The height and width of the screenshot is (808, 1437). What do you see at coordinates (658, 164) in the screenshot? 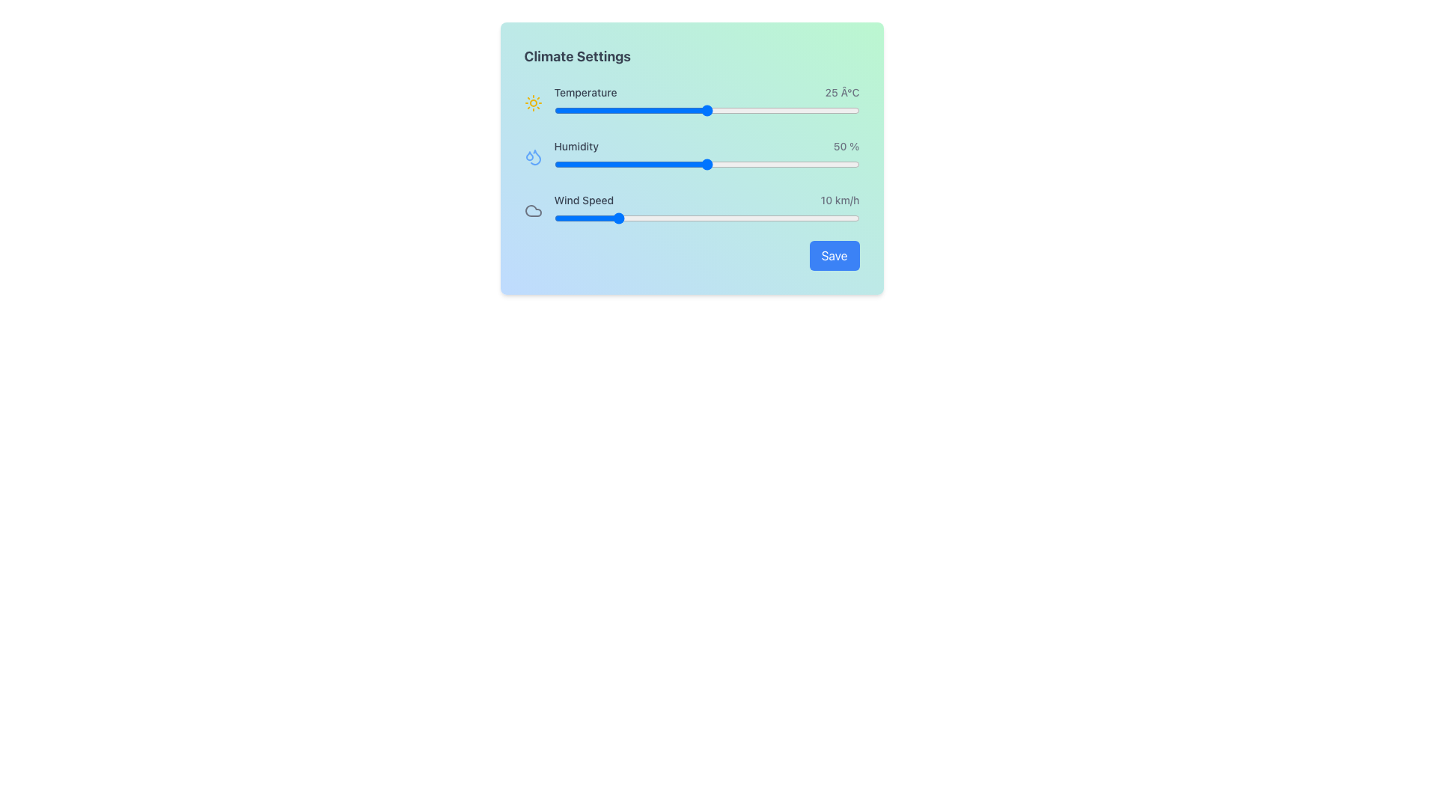
I see `the humidity` at bounding box center [658, 164].